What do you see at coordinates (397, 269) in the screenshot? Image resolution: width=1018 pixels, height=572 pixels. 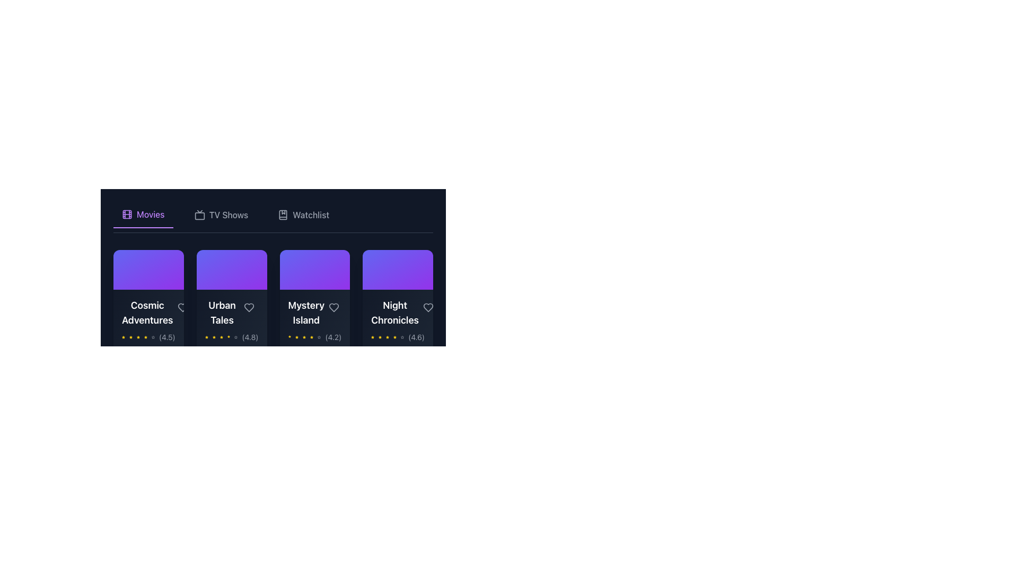 I see `the decorative background area of the 'Night Chronicles' card, which is located at the top section and positioned rightmost among a horizontal list of cards` at bounding box center [397, 269].